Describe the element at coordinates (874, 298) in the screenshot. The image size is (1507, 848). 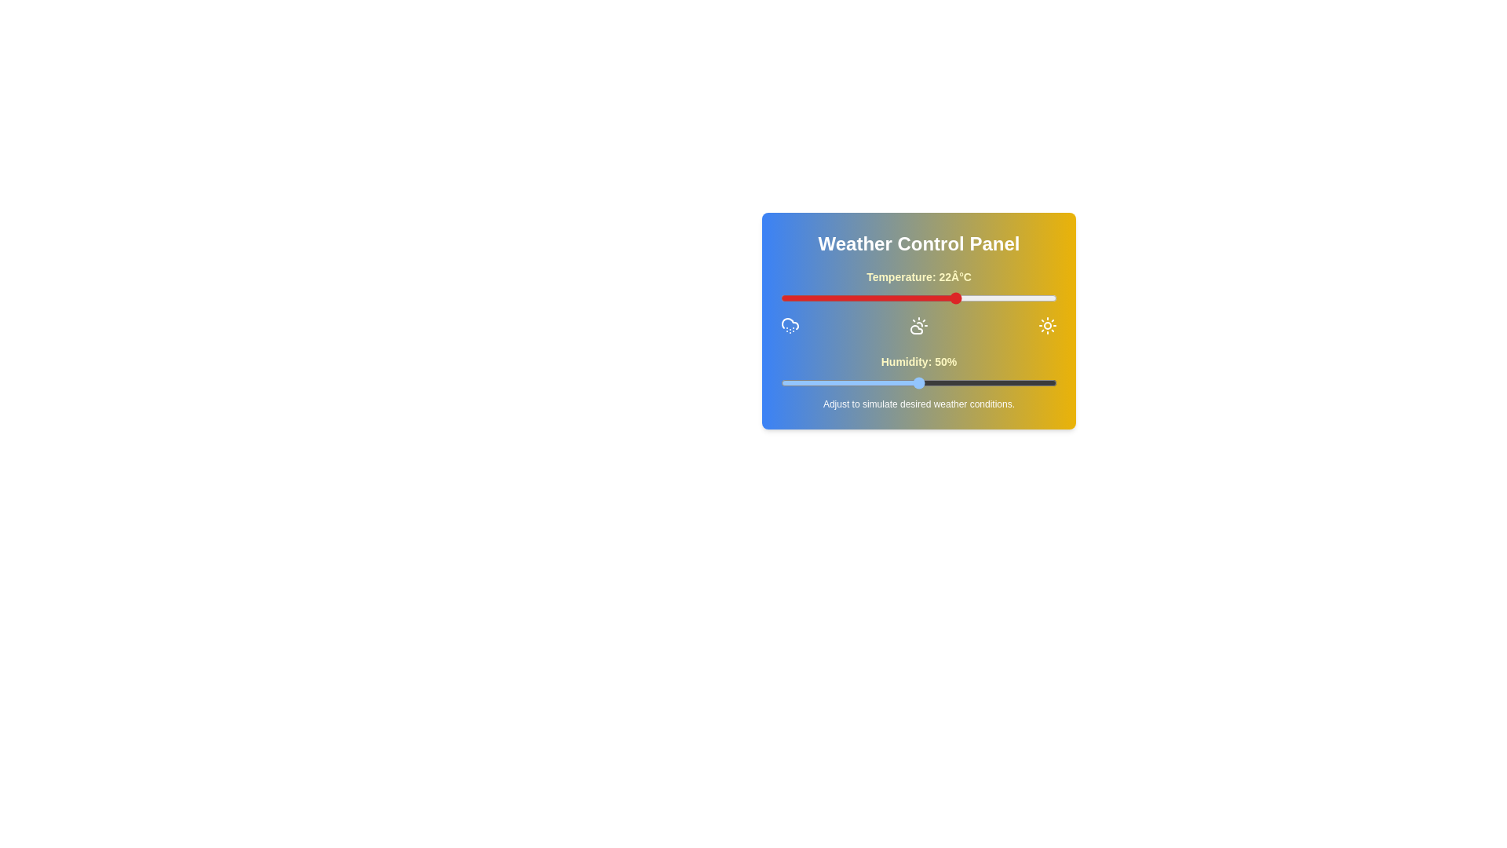
I see `temperature` at that location.